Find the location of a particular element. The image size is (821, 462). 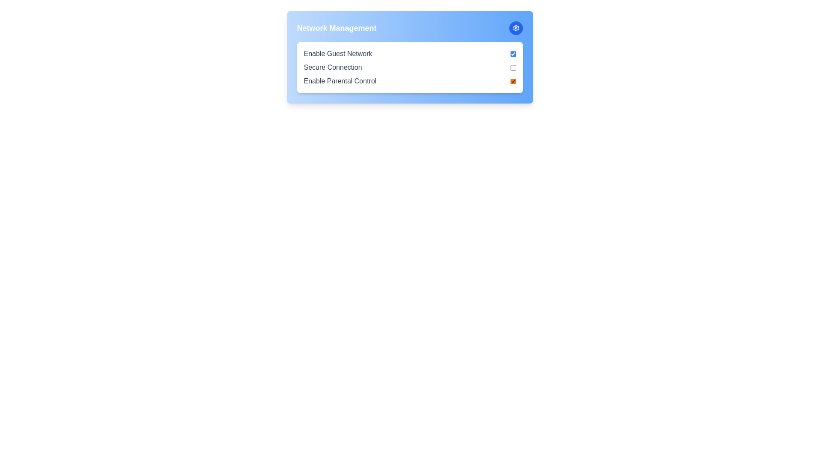

the text label that describes the function of the adjacent checkbox for enabling or disabling a secure connection, located under the 'Network Management' header is located at coordinates (332, 67).